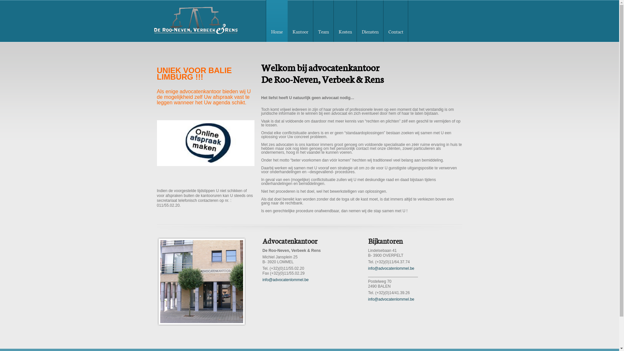 Image resolution: width=624 pixels, height=351 pixels. I want to click on 'info@advocatenlommel.be', so click(262, 279).